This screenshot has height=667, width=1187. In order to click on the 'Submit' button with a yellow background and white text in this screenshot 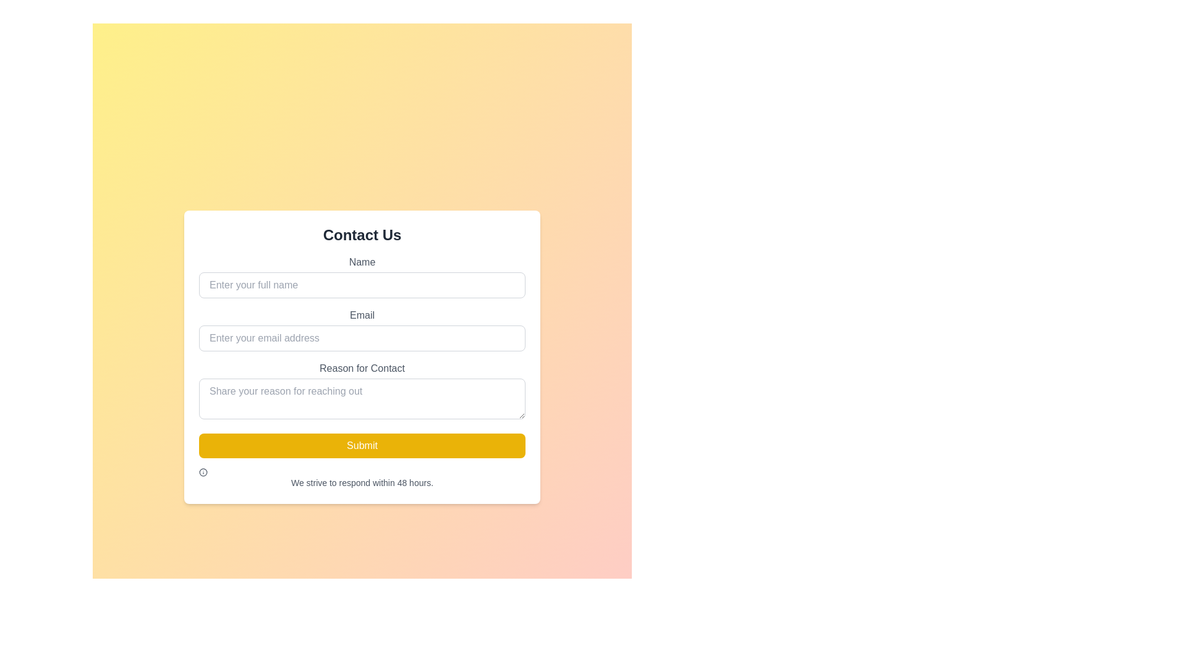, I will do `click(361, 445)`.